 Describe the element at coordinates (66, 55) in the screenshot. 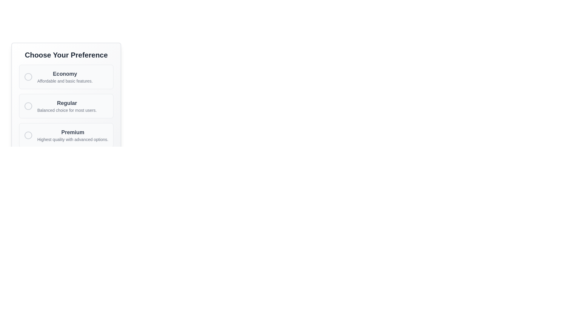

I see `the heading element with bold text 'Choose Your Preference' that is centered at the top of a card containing selectable options` at that location.